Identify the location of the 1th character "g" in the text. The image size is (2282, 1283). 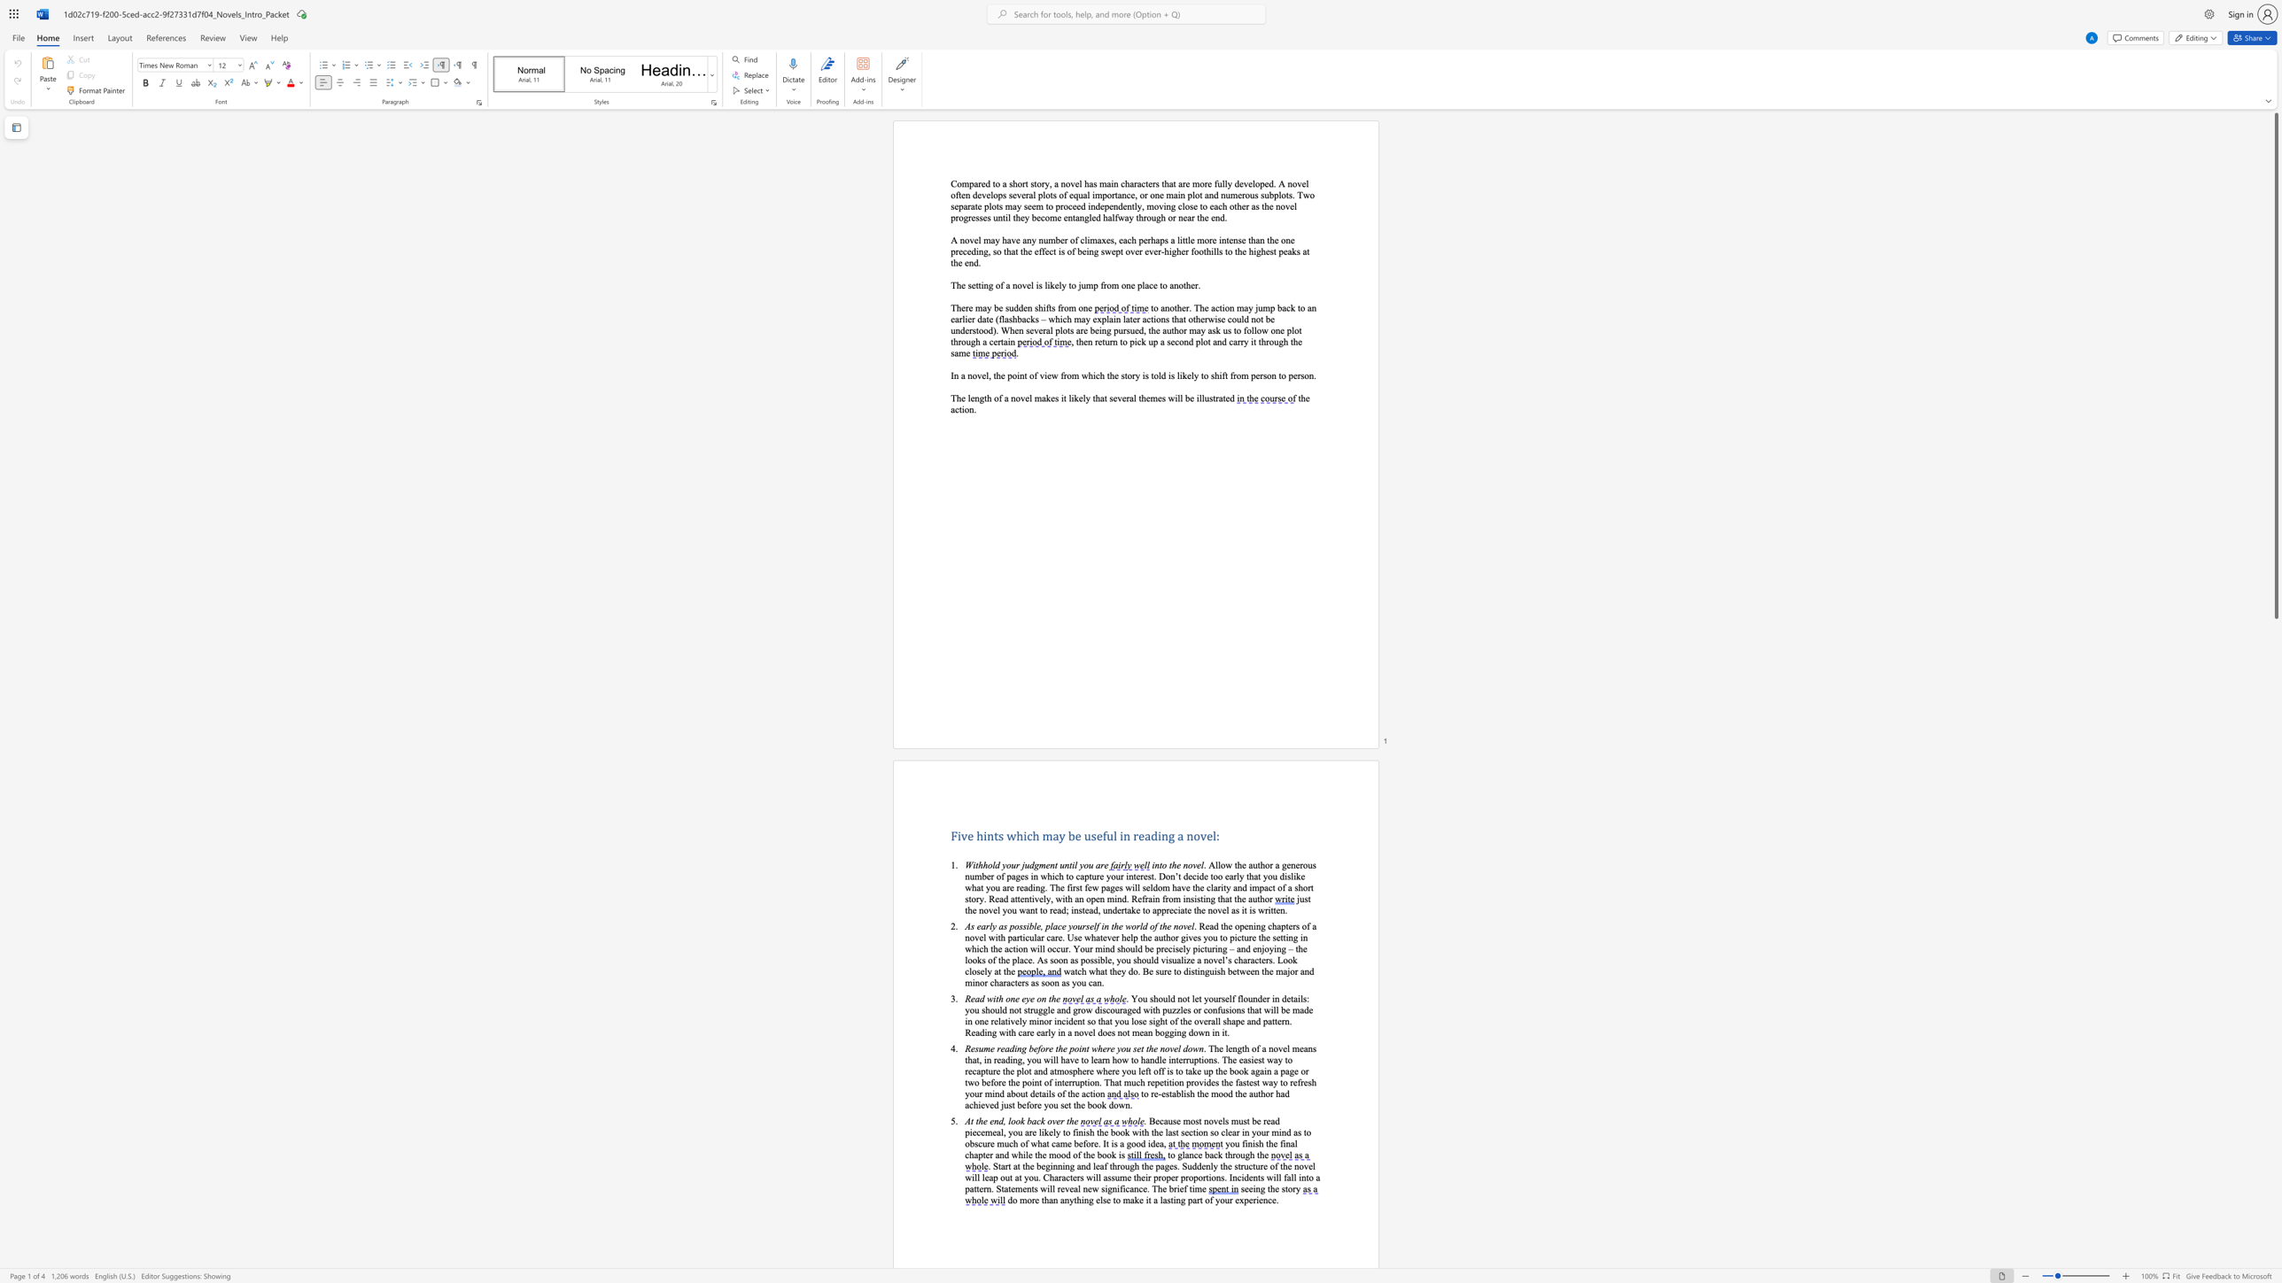
(1128, 1143).